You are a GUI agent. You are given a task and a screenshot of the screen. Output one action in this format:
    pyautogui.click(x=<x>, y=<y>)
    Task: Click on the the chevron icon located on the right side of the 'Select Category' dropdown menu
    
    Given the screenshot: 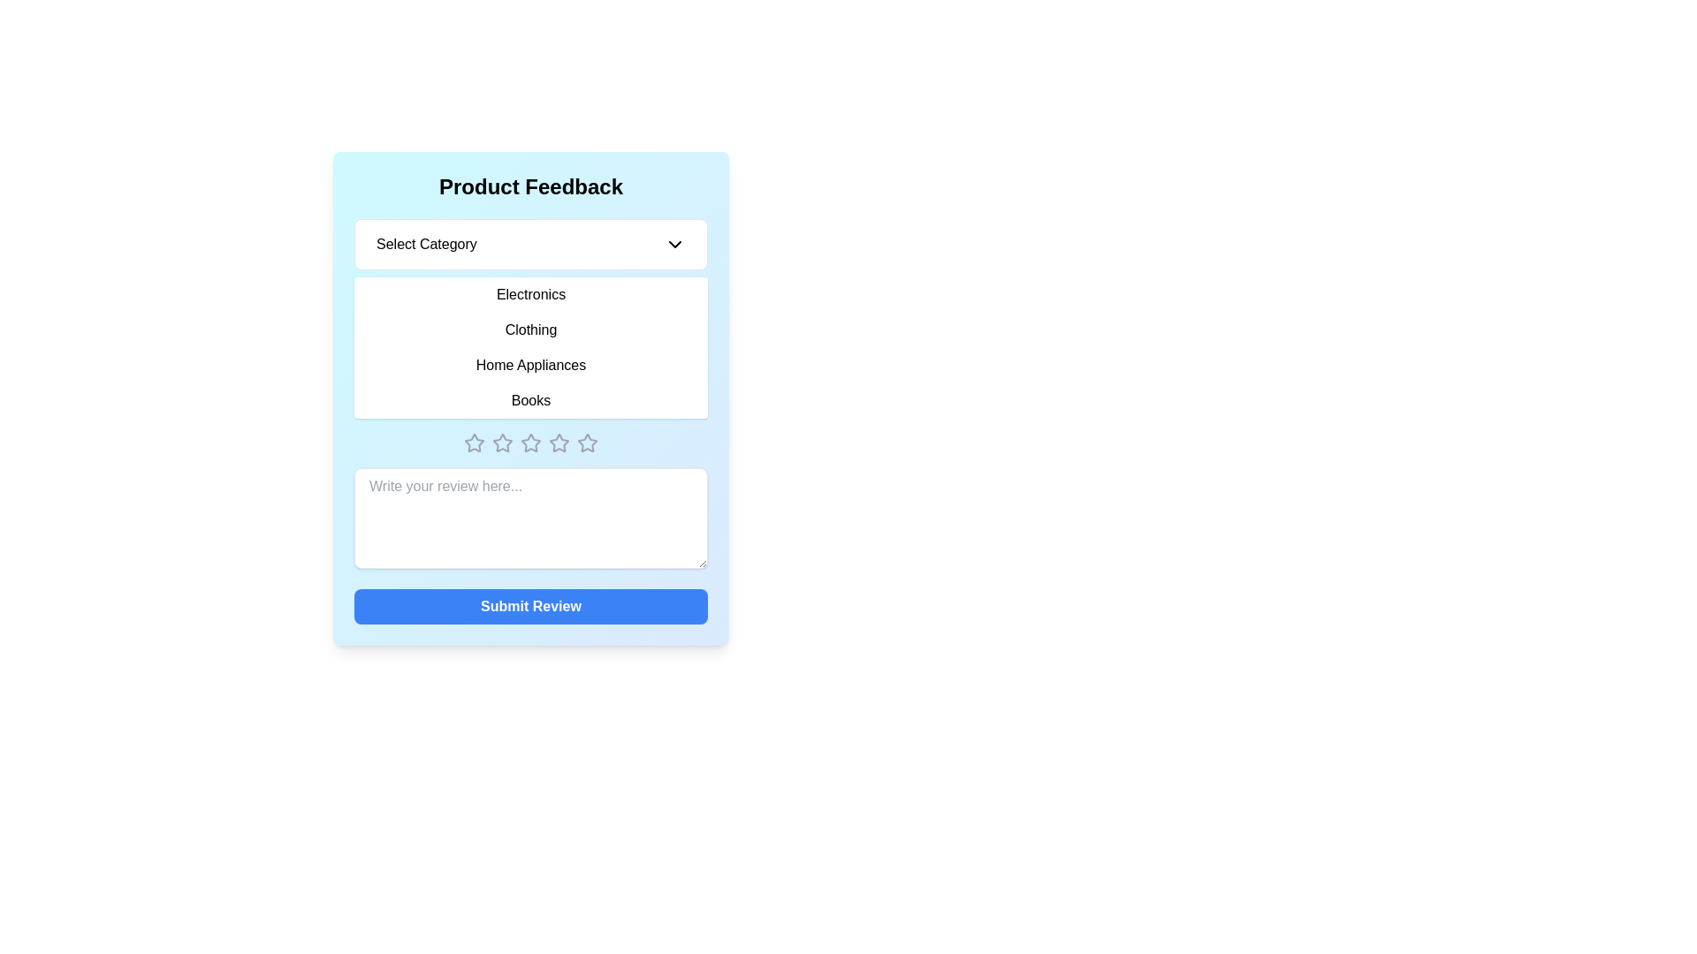 What is the action you would take?
    pyautogui.click(x=673, y=245)
    